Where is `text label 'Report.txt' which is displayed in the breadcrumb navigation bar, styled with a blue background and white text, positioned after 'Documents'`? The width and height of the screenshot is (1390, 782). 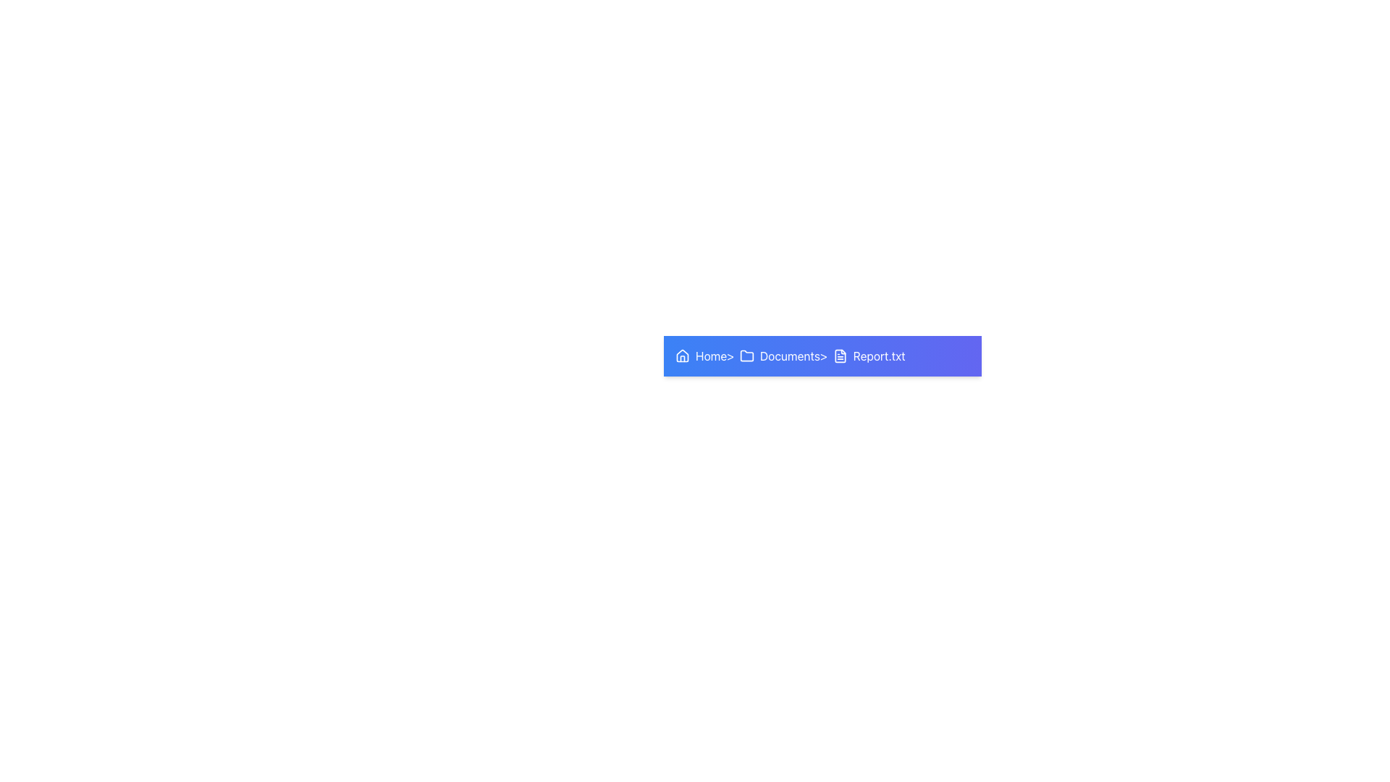
text label 'Report.txt' which is displayed in the breadcrumb navigation bar, styled with a blue background and white text, positioned after 'Documents' is located at coordinates (878, 356).